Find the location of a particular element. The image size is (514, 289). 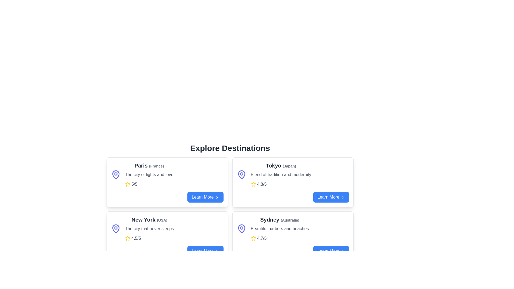

the filled star icon representing the rating for 'Tokyo (Japan)' in the 'Explore Destinations' section, located to the left of the rating text '4.8/5' is located at coordinates (253, 184).